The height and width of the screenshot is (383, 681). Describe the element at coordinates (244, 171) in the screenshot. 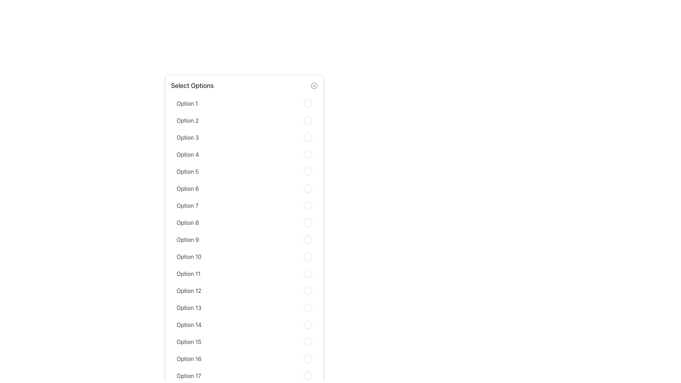

I see `the List Item with Radio Button labeled 'Option 5' to trigger hover effects` at that location.